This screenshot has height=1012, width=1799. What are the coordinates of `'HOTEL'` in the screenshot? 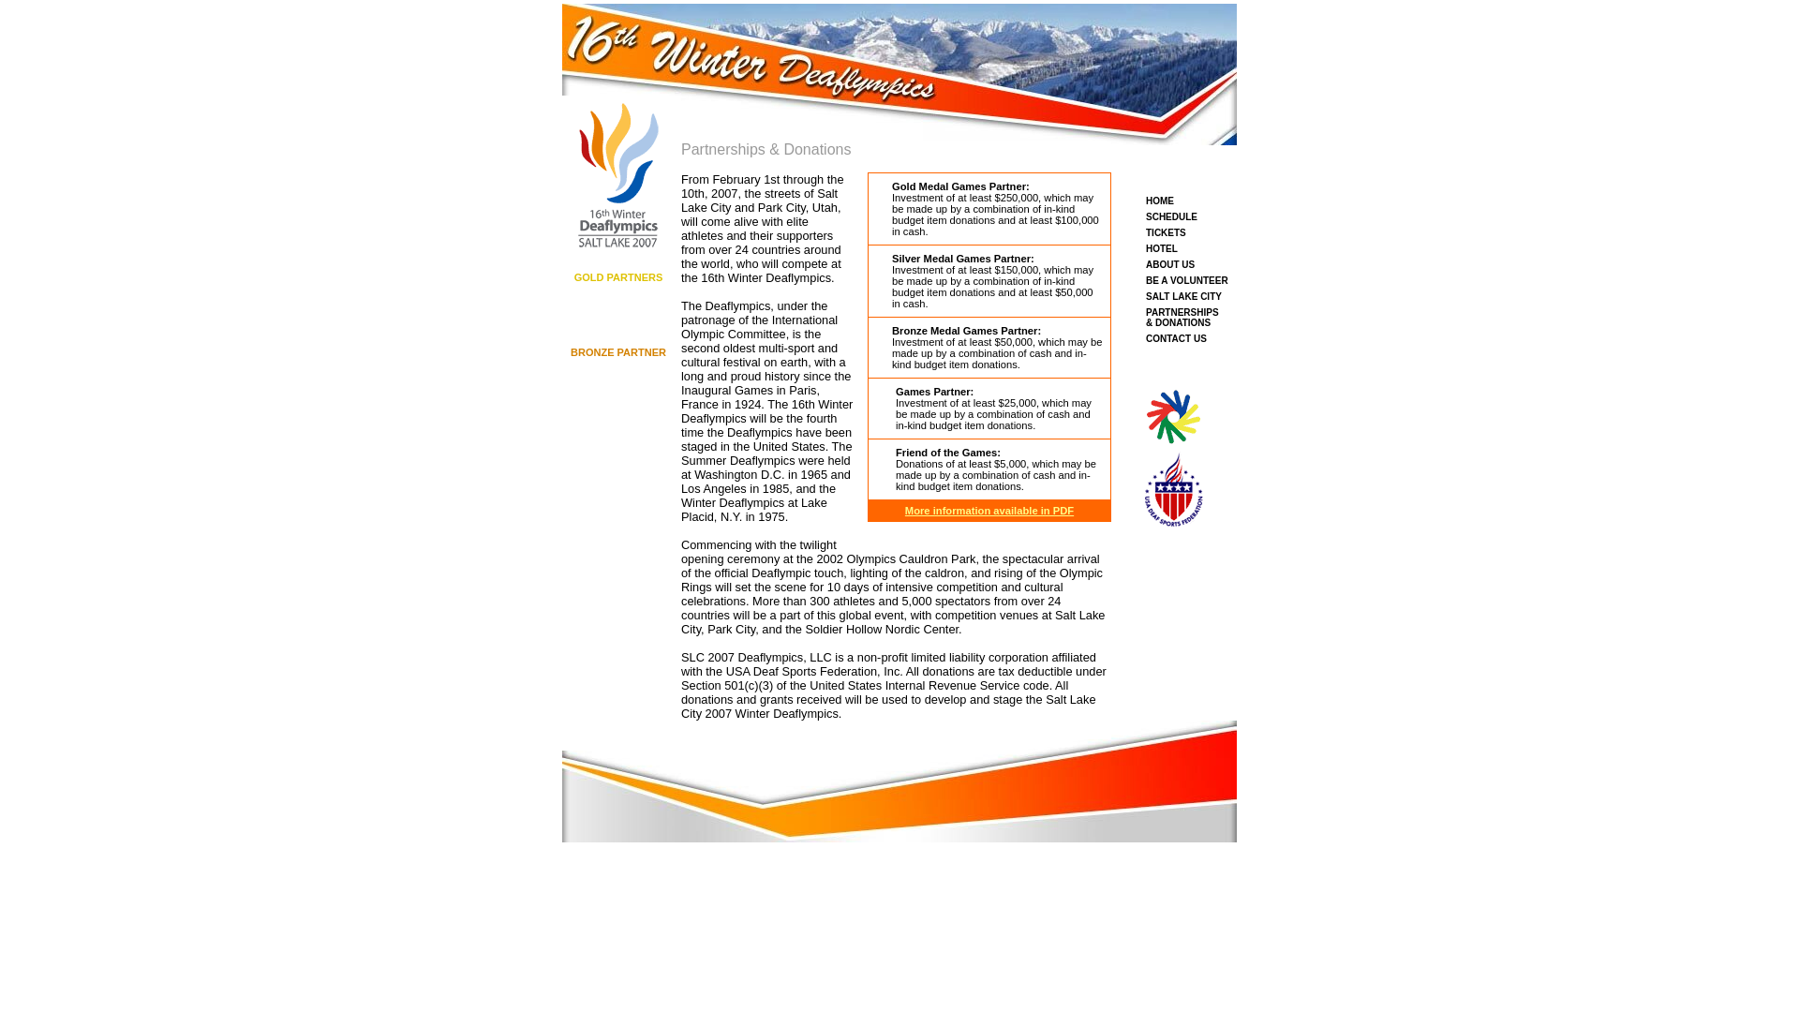 It's located at (1160, 247).